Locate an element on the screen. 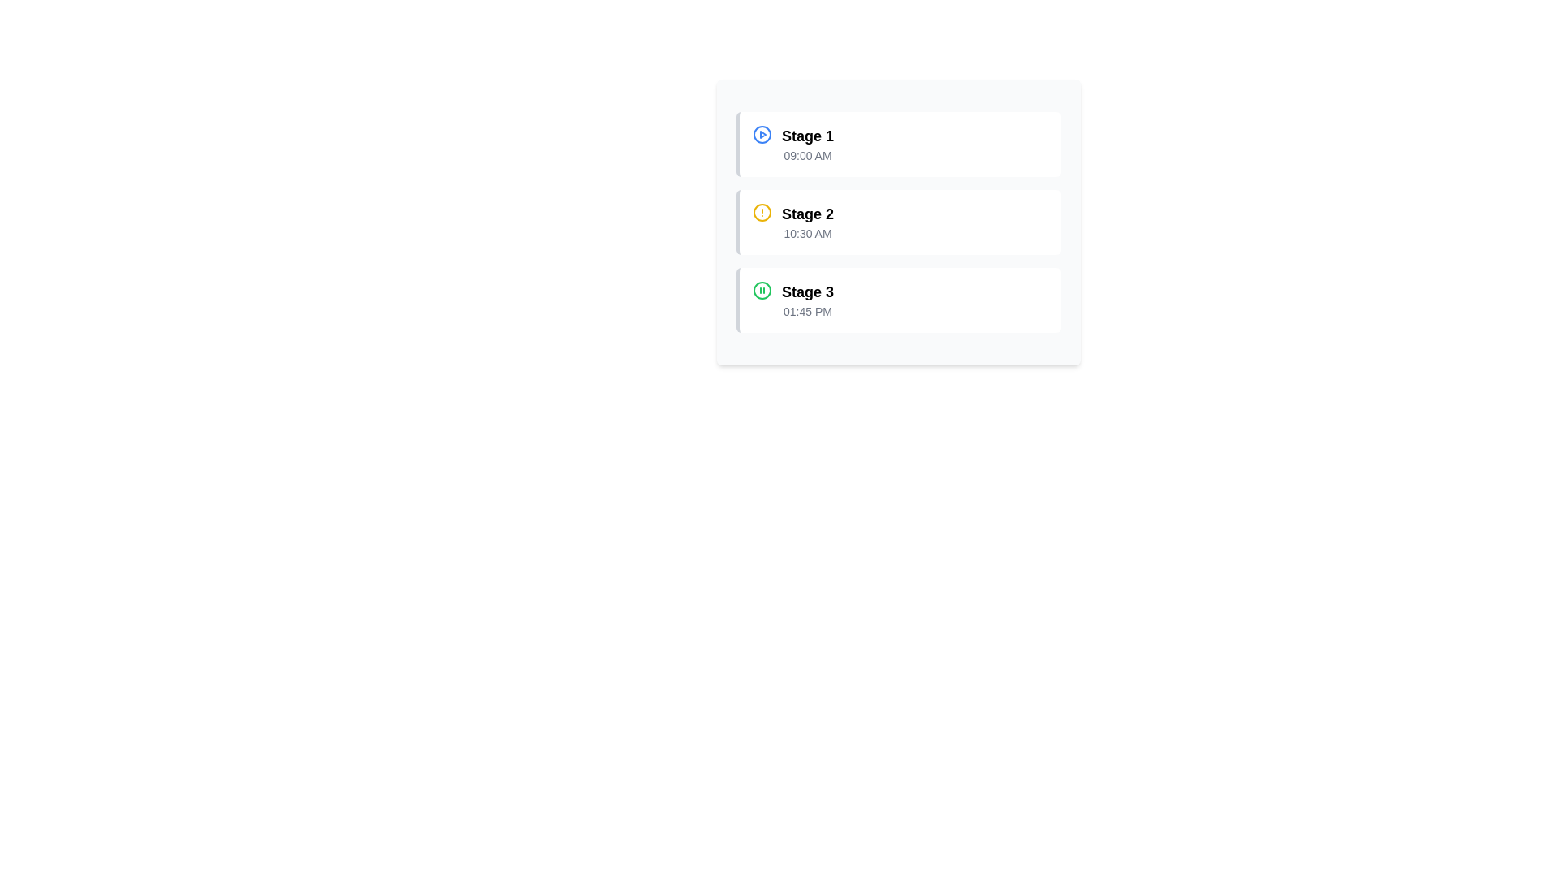 The height and width of the screenshot is (877, 1559). the informational card labeled 'Stage 2', which is the second entry in the vertical list of stages, indicating a warning or pending state is located at coordinates (793, 222).